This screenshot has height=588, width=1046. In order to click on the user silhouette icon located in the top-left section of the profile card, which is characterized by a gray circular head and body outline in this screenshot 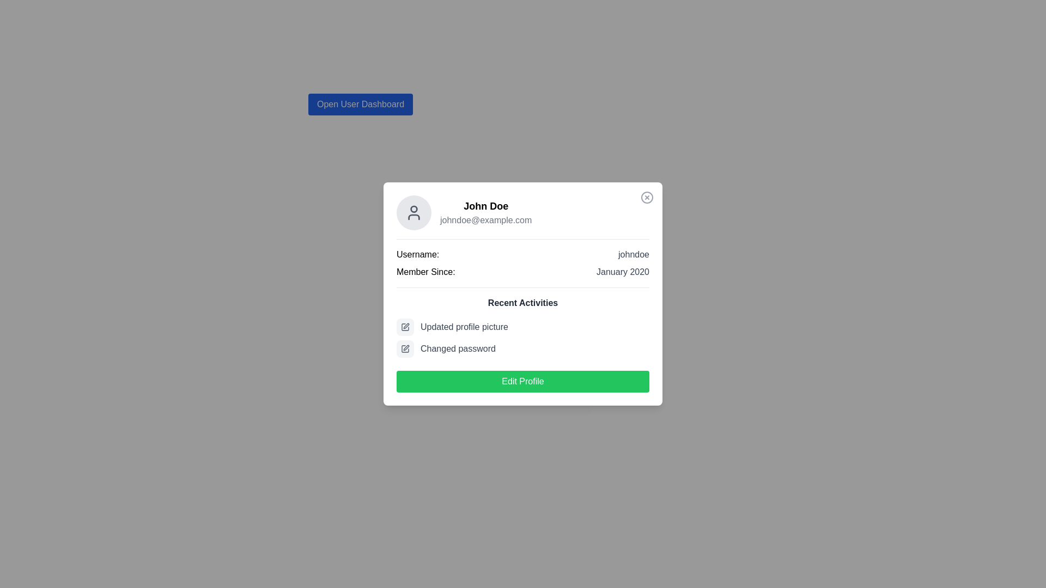, I will do `click(413, 212)`.